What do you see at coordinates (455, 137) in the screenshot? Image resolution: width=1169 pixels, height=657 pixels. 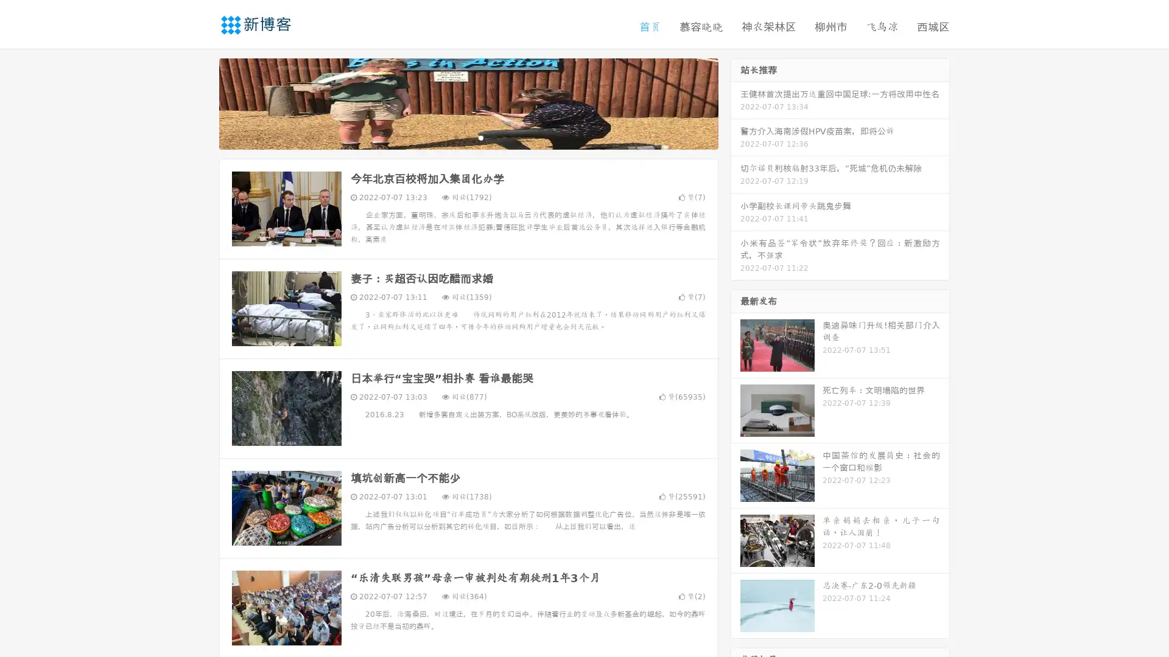 I see `Go to slide 1` at bounding box center [455, 137].